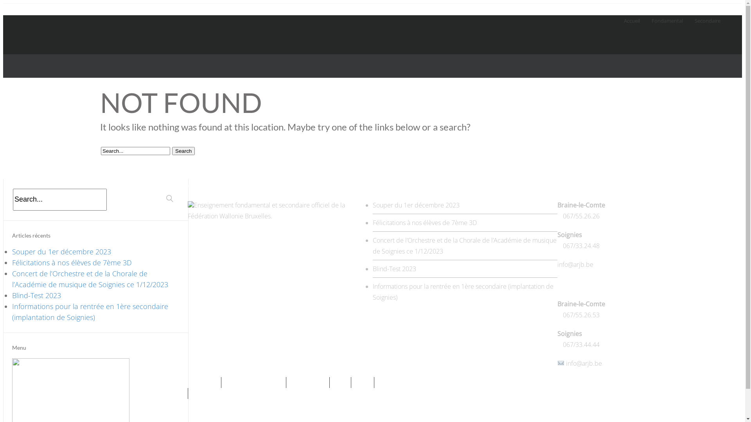  I want to click on 'Fondamental', so click(667, 15).